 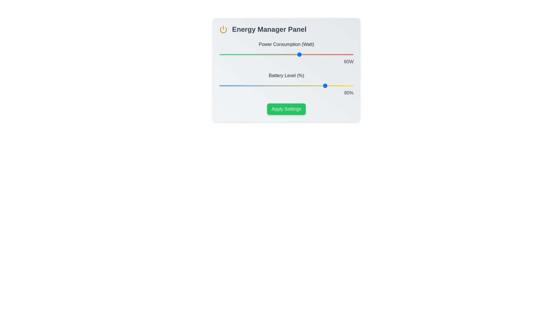 I want to click on the 'Apply Settings' button, so click(x=286, y=109).